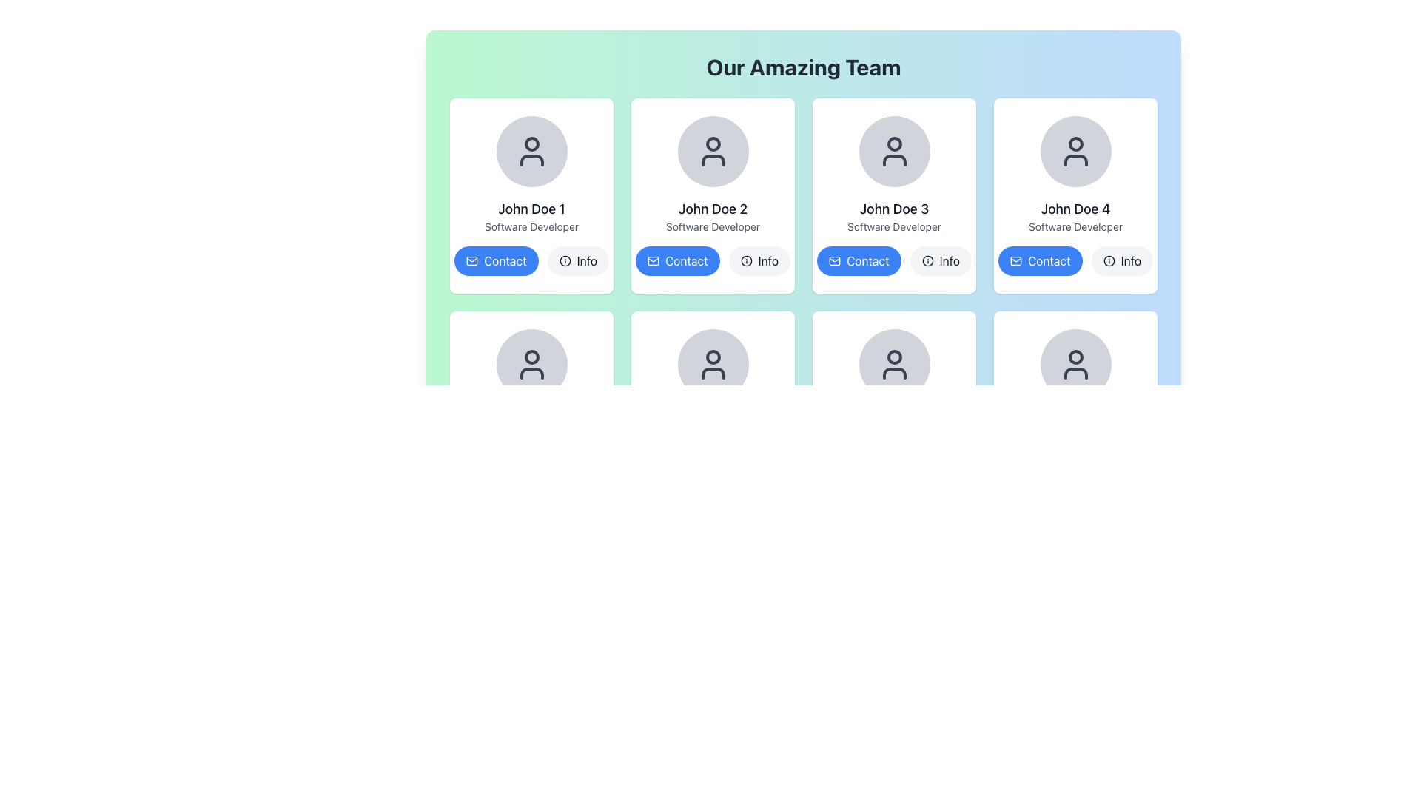 The width and height of the screenshot is (1421, 799). Describe the element at coordinates (531, 357) in the screenshot. I see `the Circle graphic representing the user's profile picture located in the user profile icon in the second row's first card under the header 'Our Amazing Team'` at that location.